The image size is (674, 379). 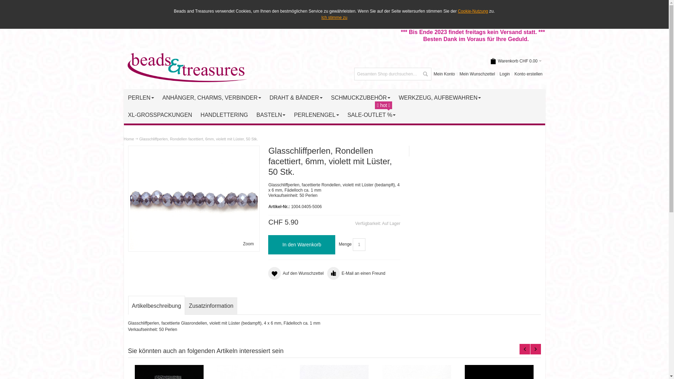 I want to click on 'Zoom', so click(x=248, y=244).